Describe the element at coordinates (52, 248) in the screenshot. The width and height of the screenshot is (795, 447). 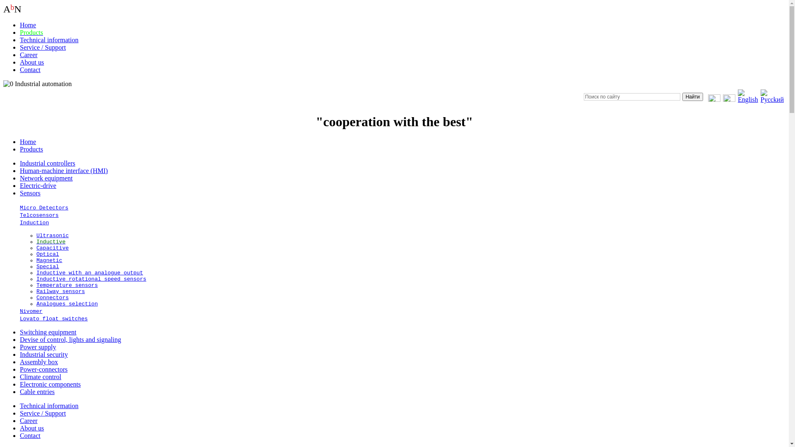
I see `'Capacitive'` at that location.